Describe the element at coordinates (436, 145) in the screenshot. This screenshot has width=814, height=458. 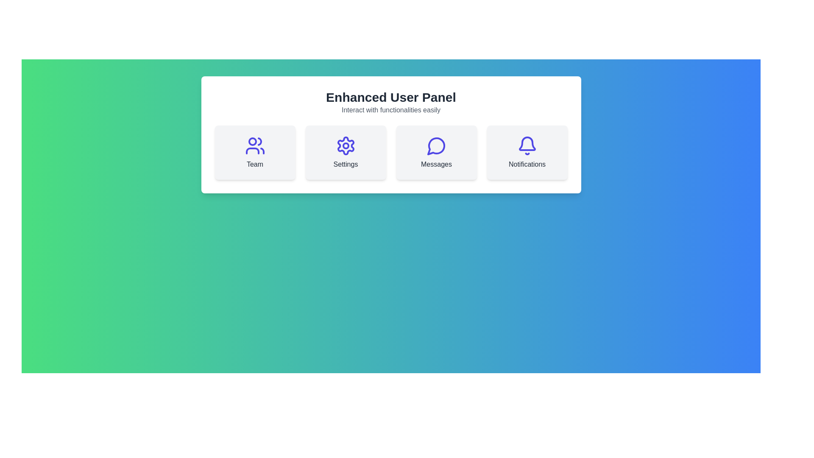
I see `the graphical icon resembling a text message bubble located in the 'Messages' section of the grid layout` at that location.